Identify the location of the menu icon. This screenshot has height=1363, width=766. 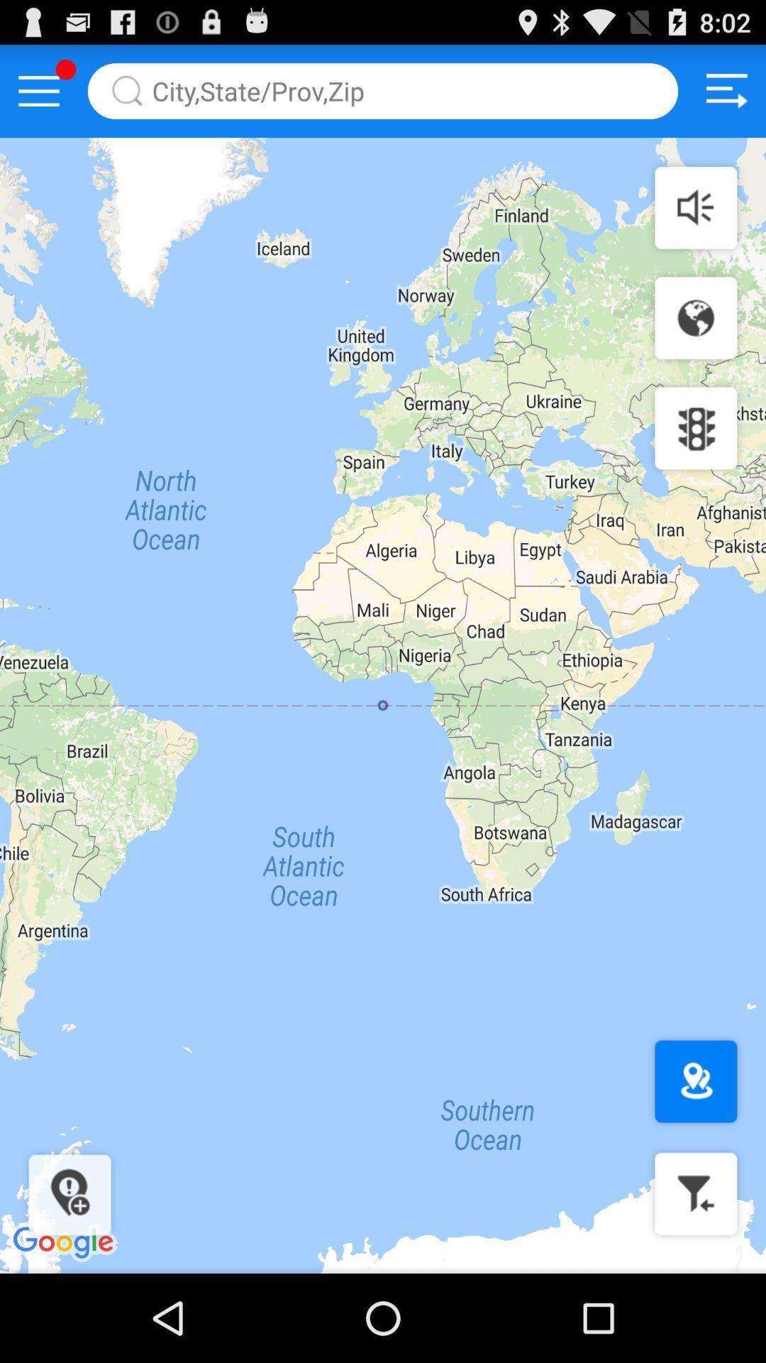
(38, 97).